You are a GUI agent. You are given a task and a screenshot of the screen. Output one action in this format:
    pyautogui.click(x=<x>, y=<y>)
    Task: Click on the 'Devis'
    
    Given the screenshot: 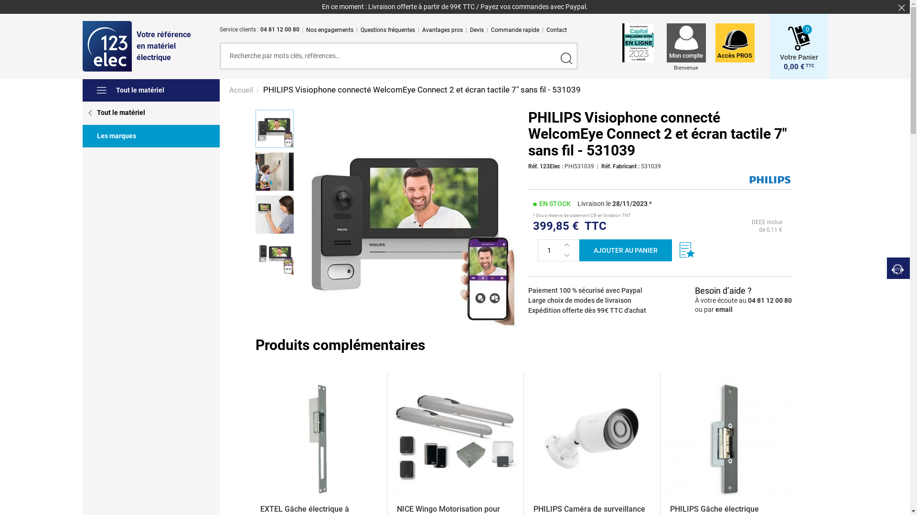 What is the action you would take?
    pyautogui.click(x=477, y=29)
    